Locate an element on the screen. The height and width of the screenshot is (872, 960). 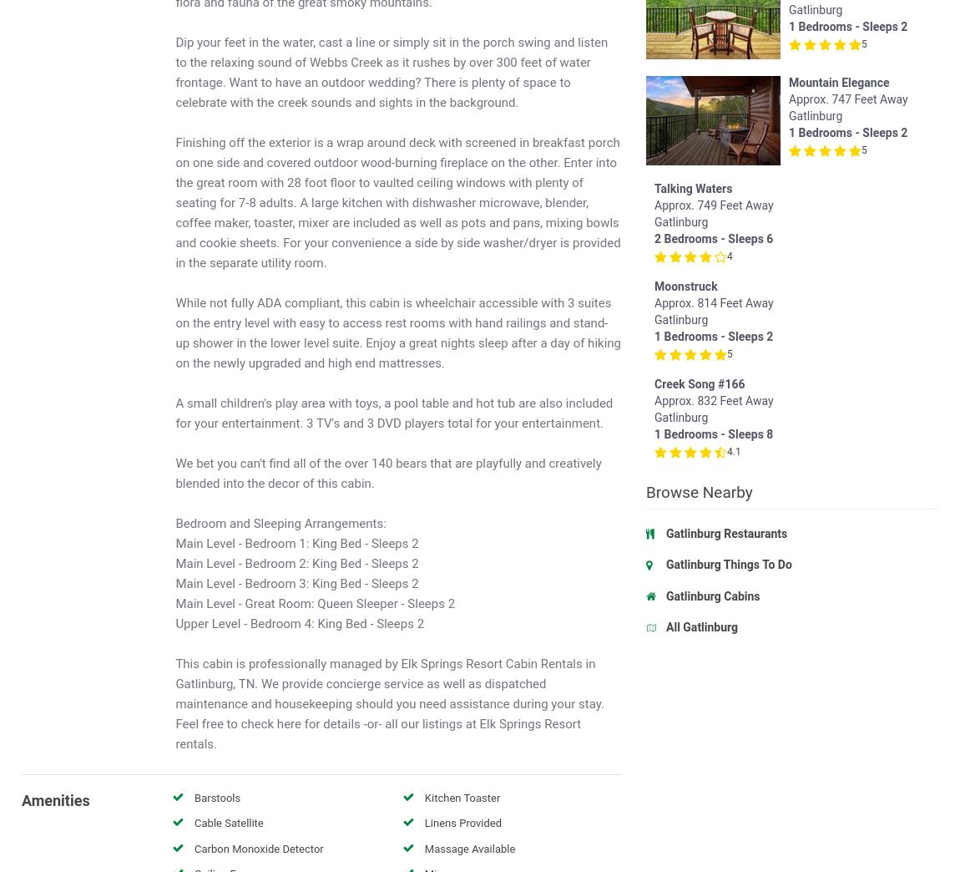
'Moonstruck' is located at coordinates (820, 294).